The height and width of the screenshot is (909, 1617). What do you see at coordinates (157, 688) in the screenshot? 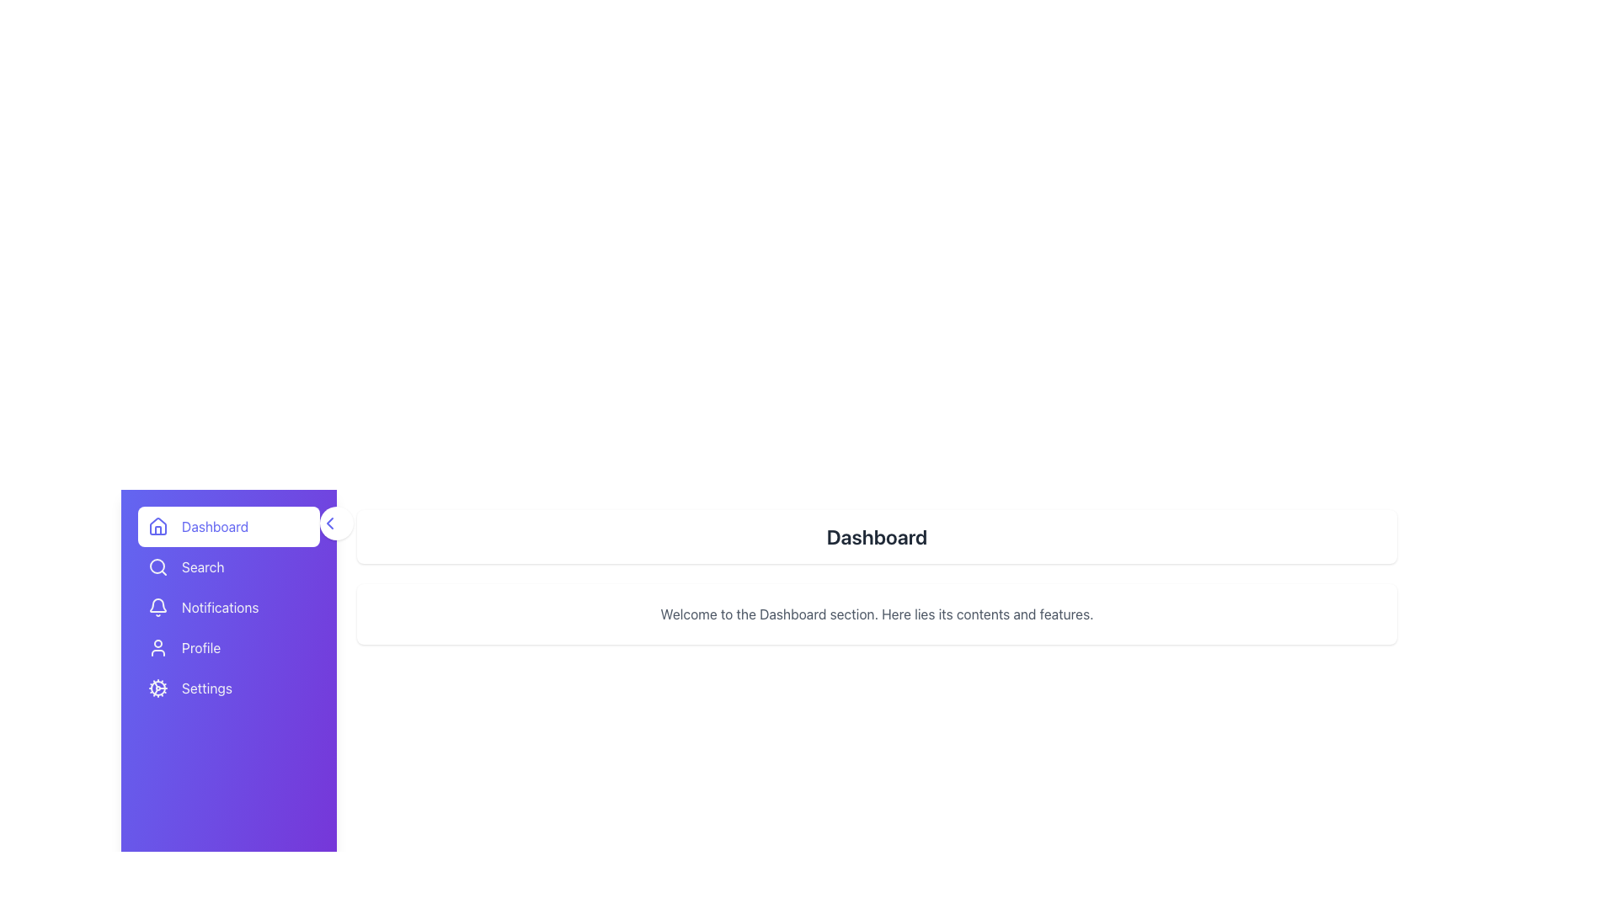
I see `the settings icon located in the vertical navigation bar, adjacent to the word 'Settings'` at bounding box center [157, 688].